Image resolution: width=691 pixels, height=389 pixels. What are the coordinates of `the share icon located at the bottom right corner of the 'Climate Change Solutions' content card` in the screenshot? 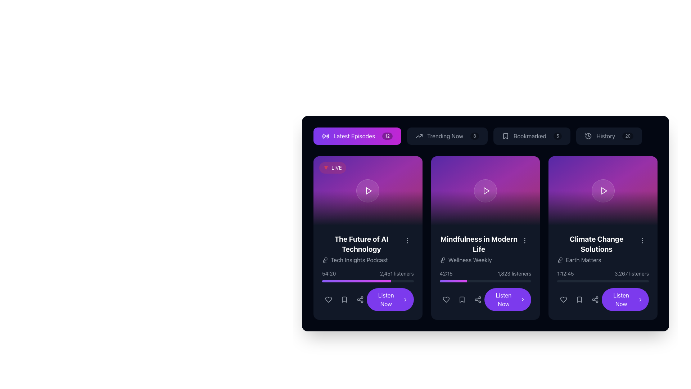 It's located at (595, 300).